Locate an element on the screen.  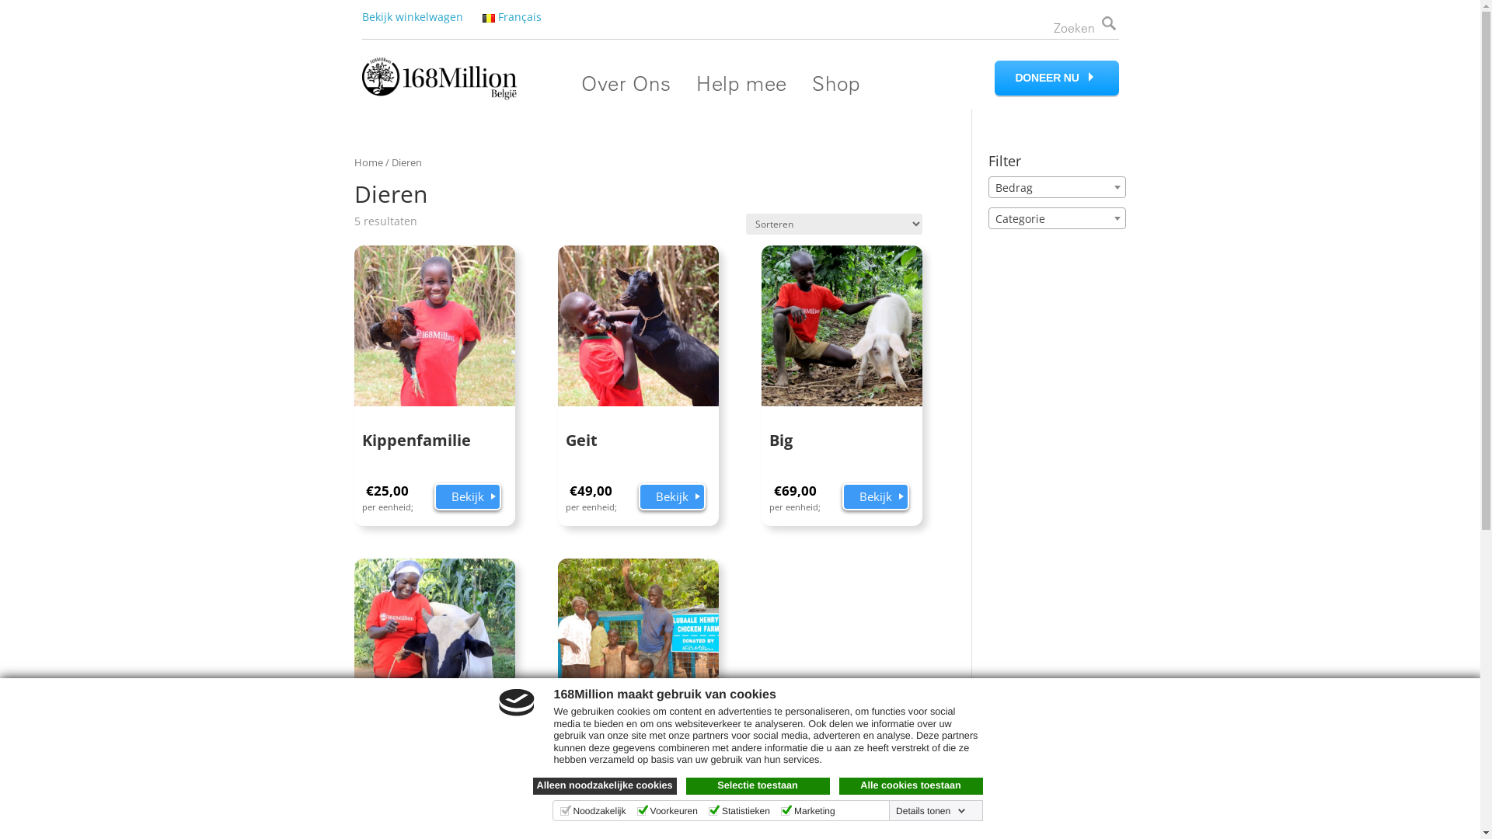
'Details tonen' is located at coordinates (892, 810).